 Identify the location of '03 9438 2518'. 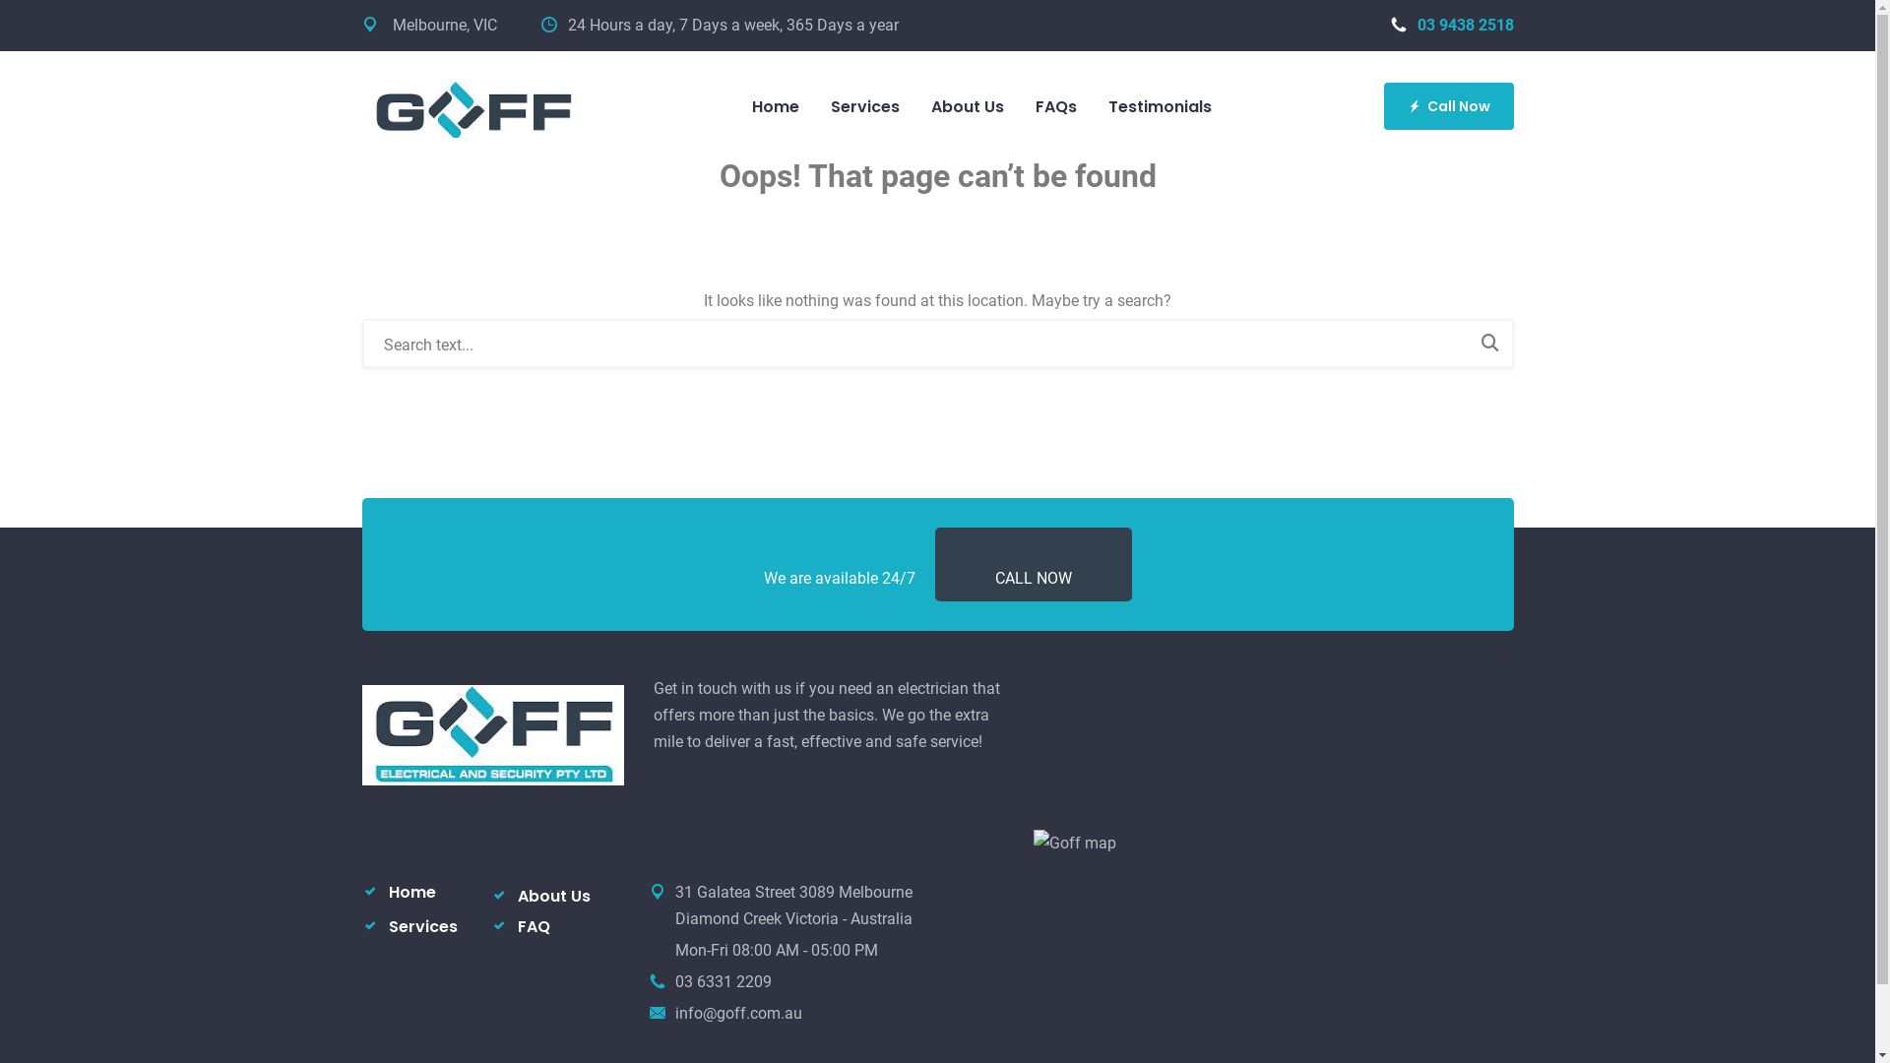
(1451, 25).